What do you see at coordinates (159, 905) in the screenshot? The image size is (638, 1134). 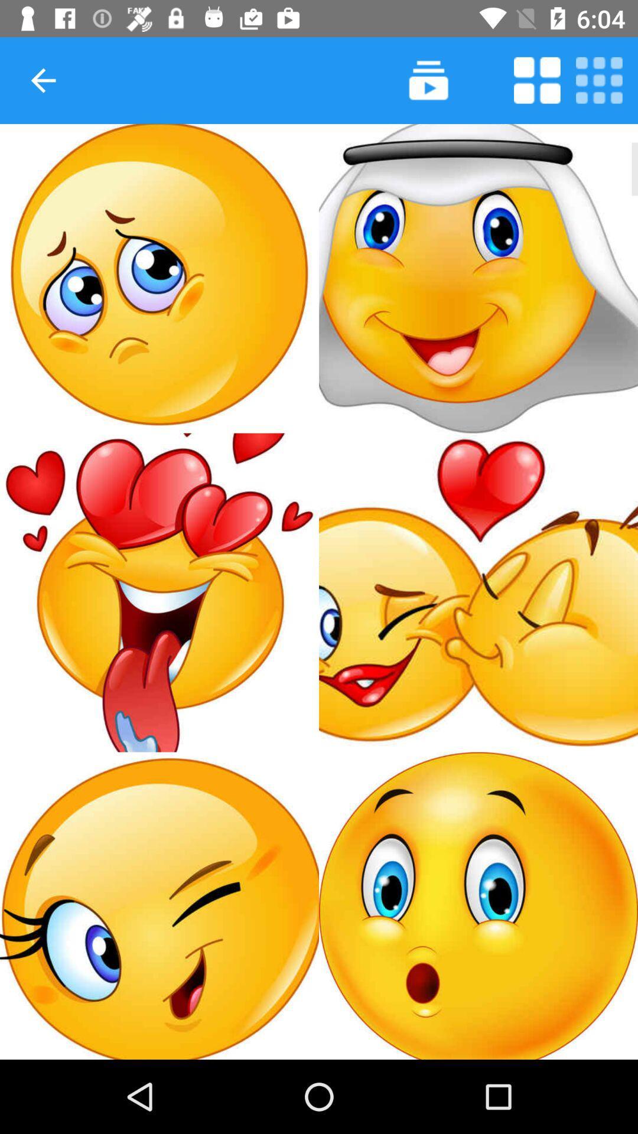 I see `wink emoji` at bounding box center [159, 905].